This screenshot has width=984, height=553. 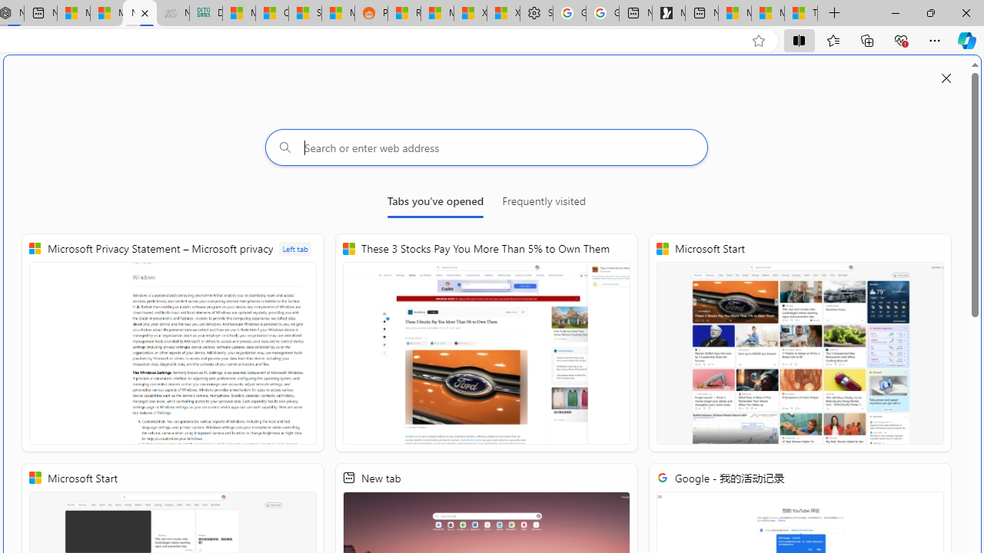 What do you see at coordinates (434, 204) in the screenshot?
I see `'Tabs you'` at bounding box center [434, 204].